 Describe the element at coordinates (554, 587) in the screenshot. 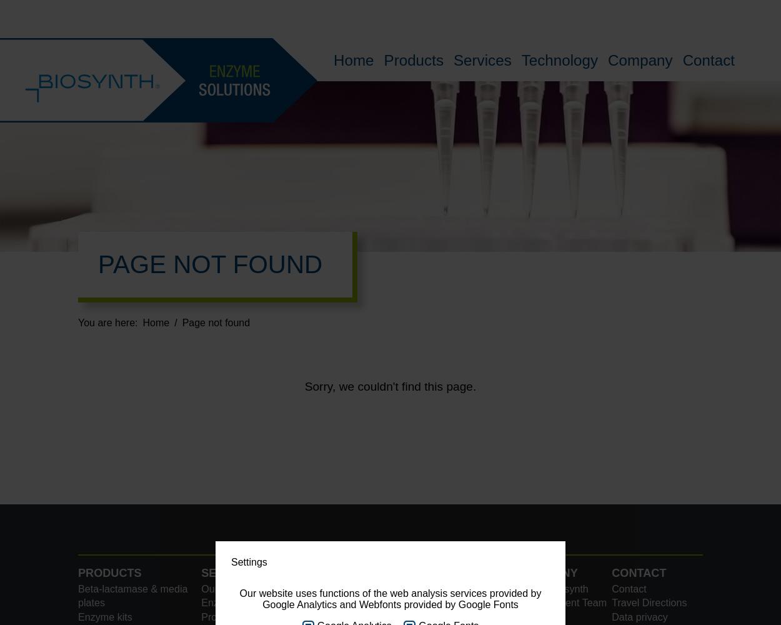

I see `'About Biosynth'` at that location.